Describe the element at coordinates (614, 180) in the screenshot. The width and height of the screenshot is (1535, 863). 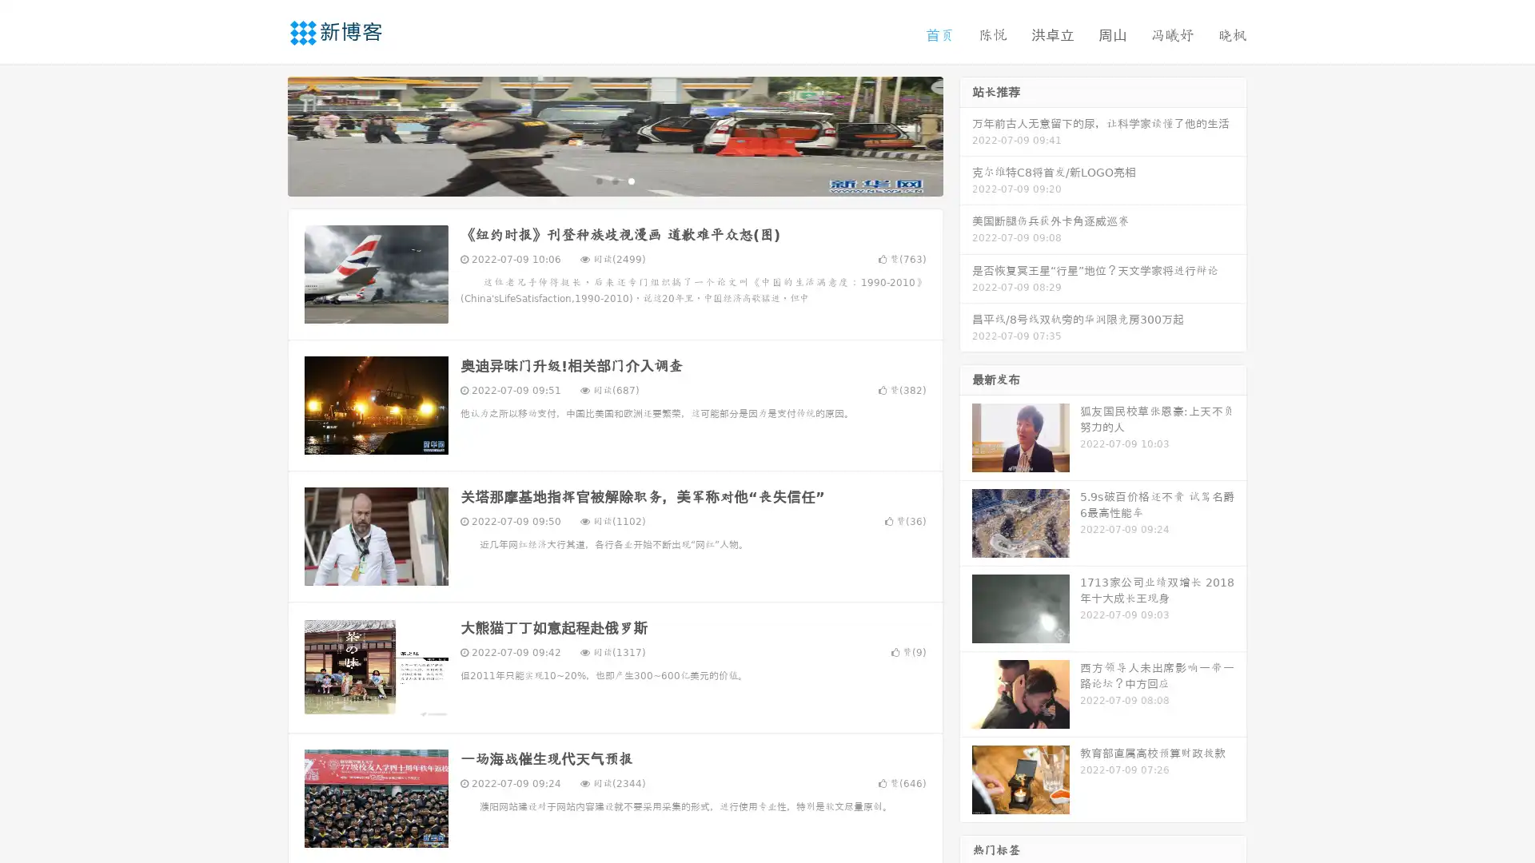
I see `Go to slide 2` at that location.